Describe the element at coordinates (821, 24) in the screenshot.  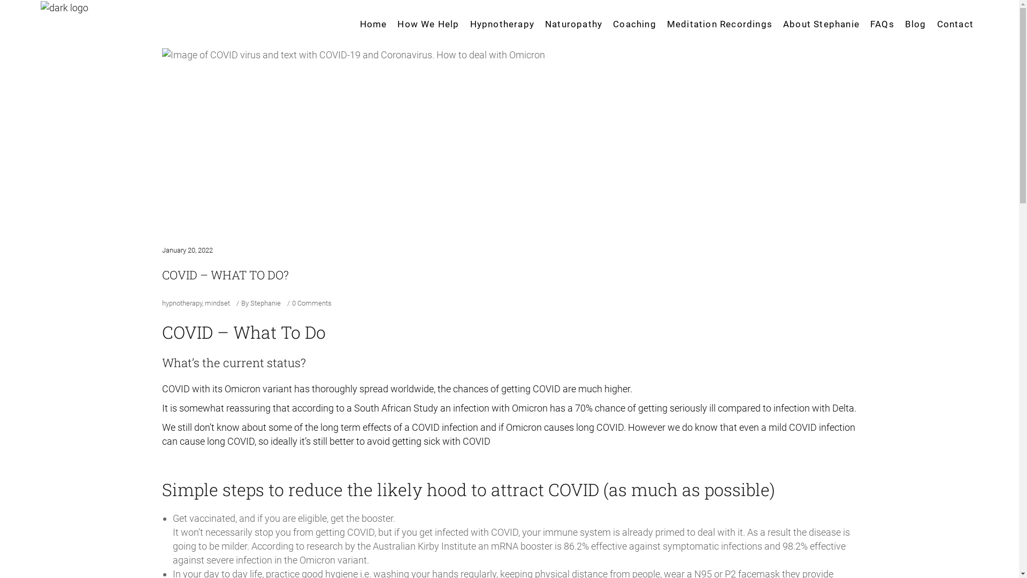
I see `'About Stephanie'` at that location.